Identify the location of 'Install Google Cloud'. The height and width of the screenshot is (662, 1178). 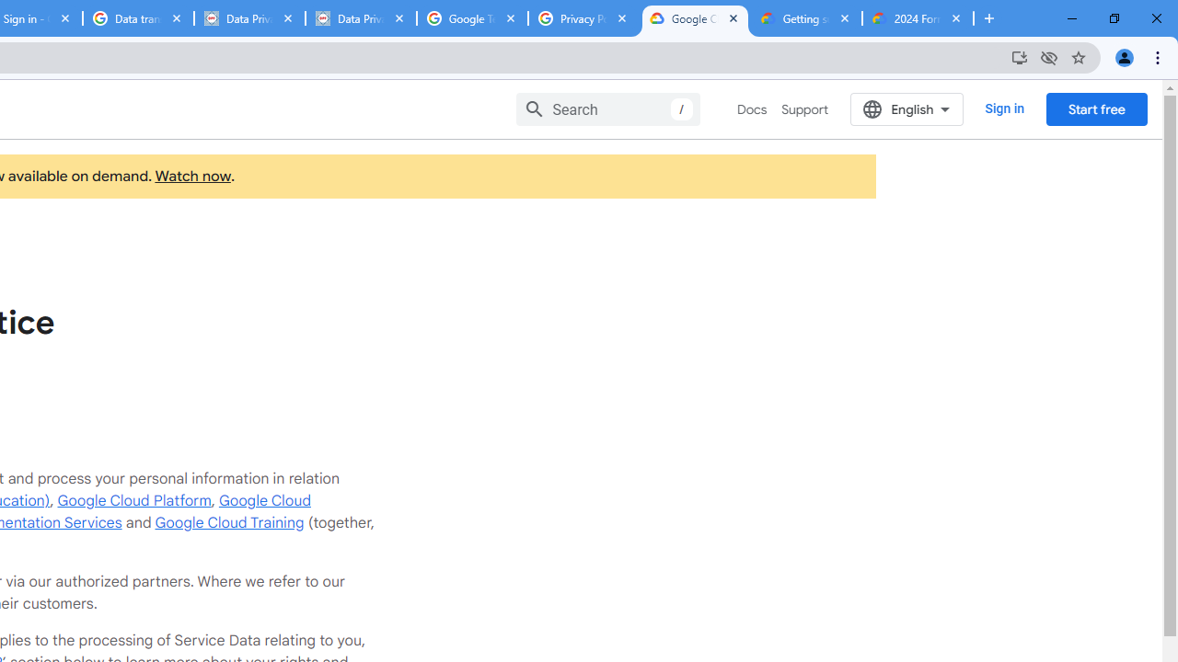
(1018, 56).